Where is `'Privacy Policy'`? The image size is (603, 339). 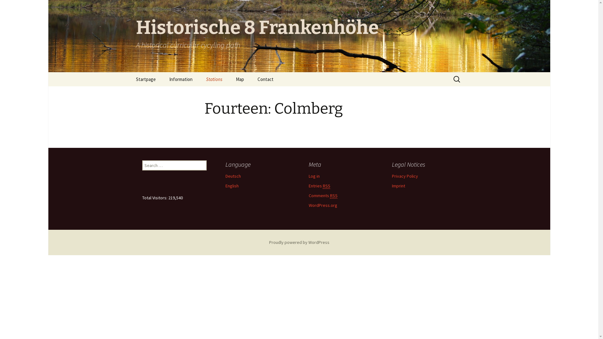
'Privacy Policy' is located at coordinates (392, 176).